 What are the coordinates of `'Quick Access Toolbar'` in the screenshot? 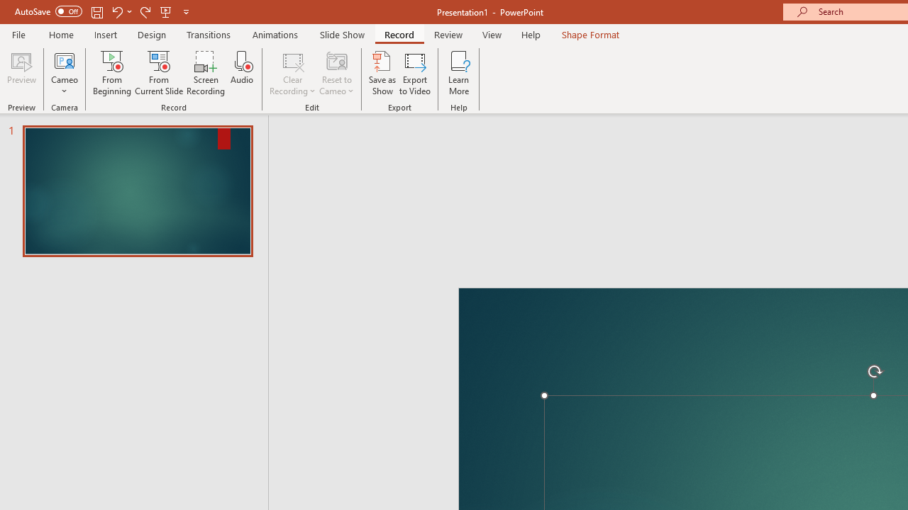 It's located at (102, 11).